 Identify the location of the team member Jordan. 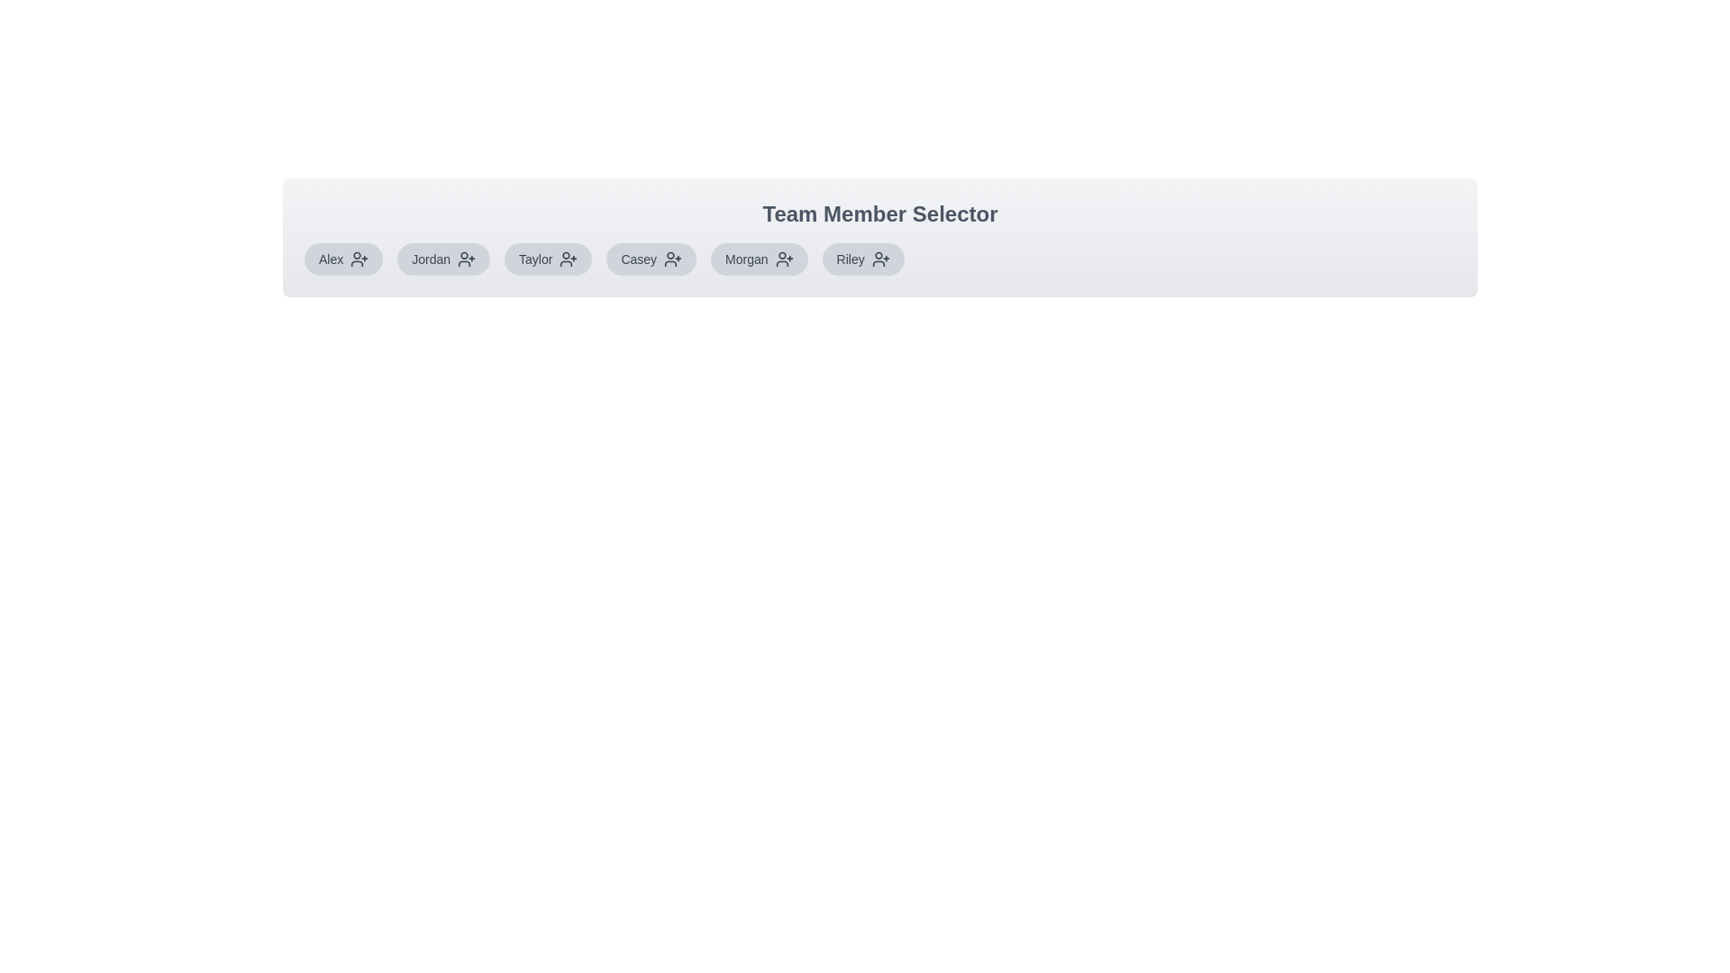
(442, 259).